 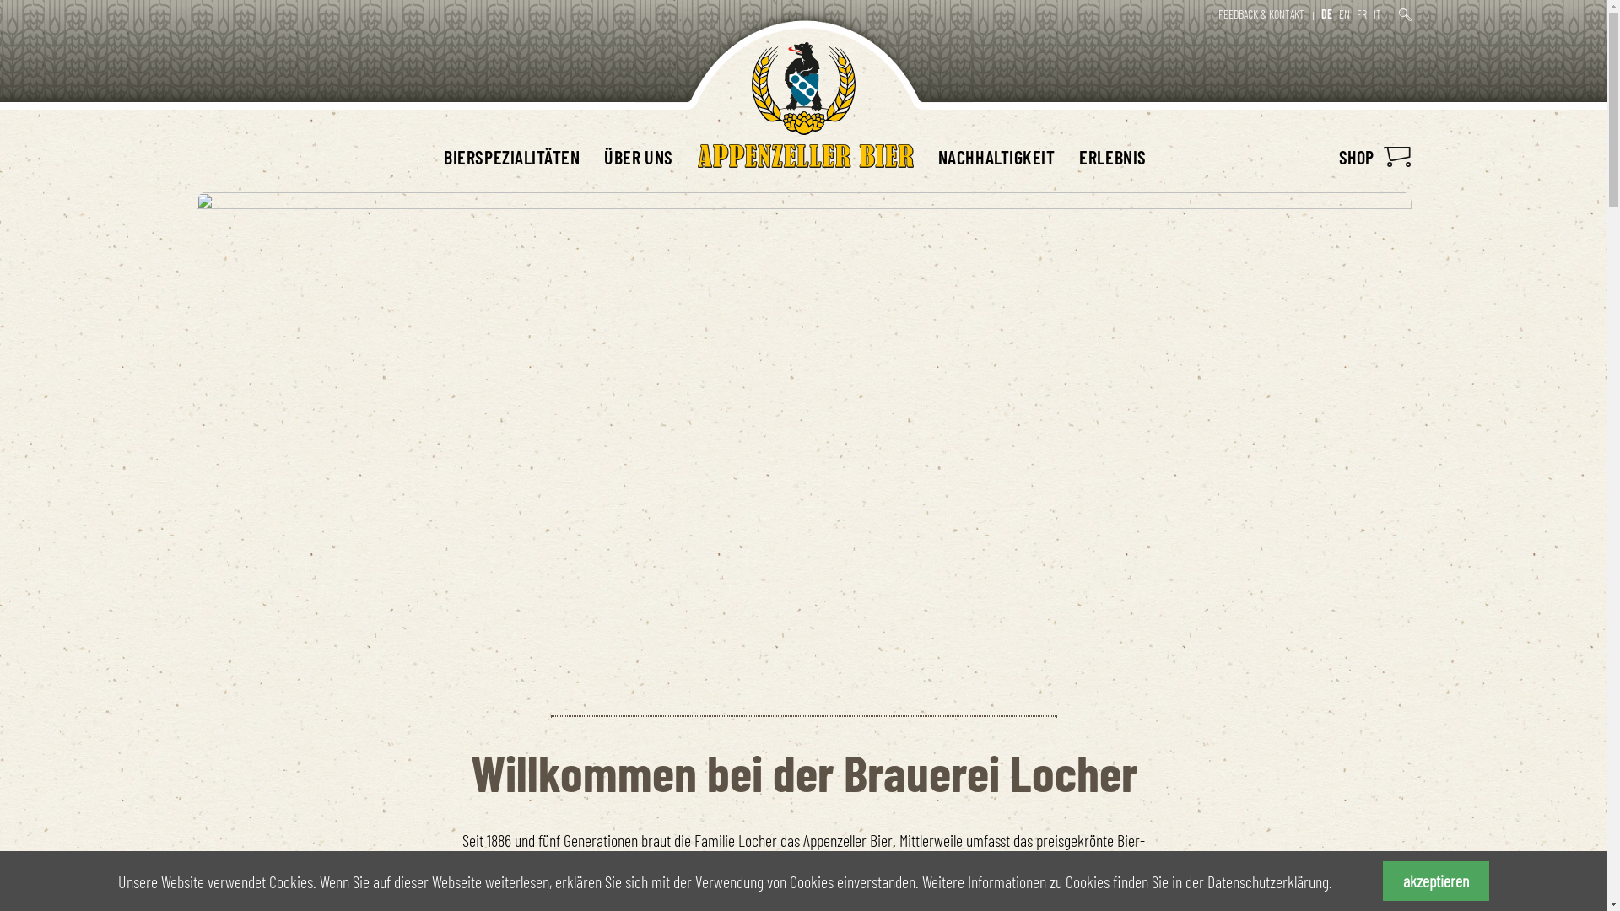 What do you see at coordinates (1377, 13) in the screenshot?
I see `'IT'` at bounding box center [1377, 13].